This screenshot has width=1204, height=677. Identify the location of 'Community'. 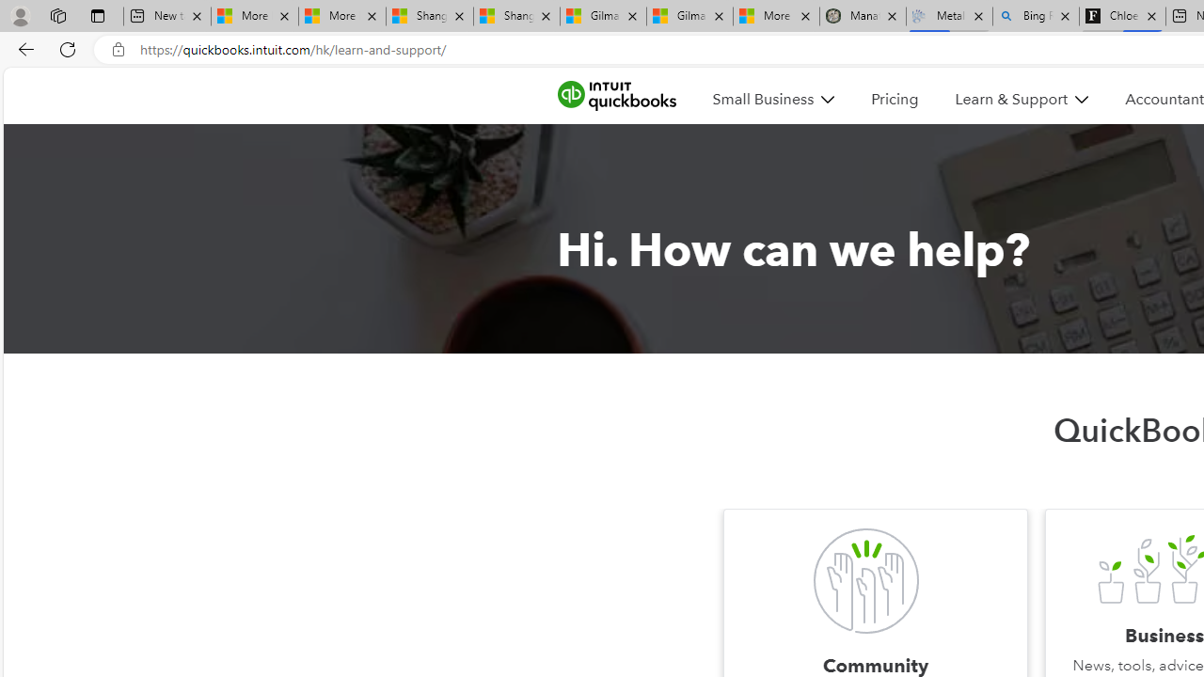
(864, 580).